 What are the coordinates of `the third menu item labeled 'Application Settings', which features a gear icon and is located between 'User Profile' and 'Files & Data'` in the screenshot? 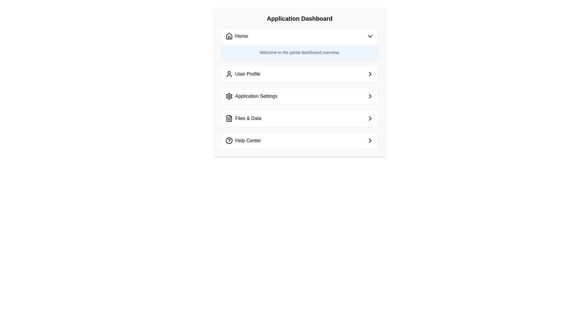 It's located at (251, 96).